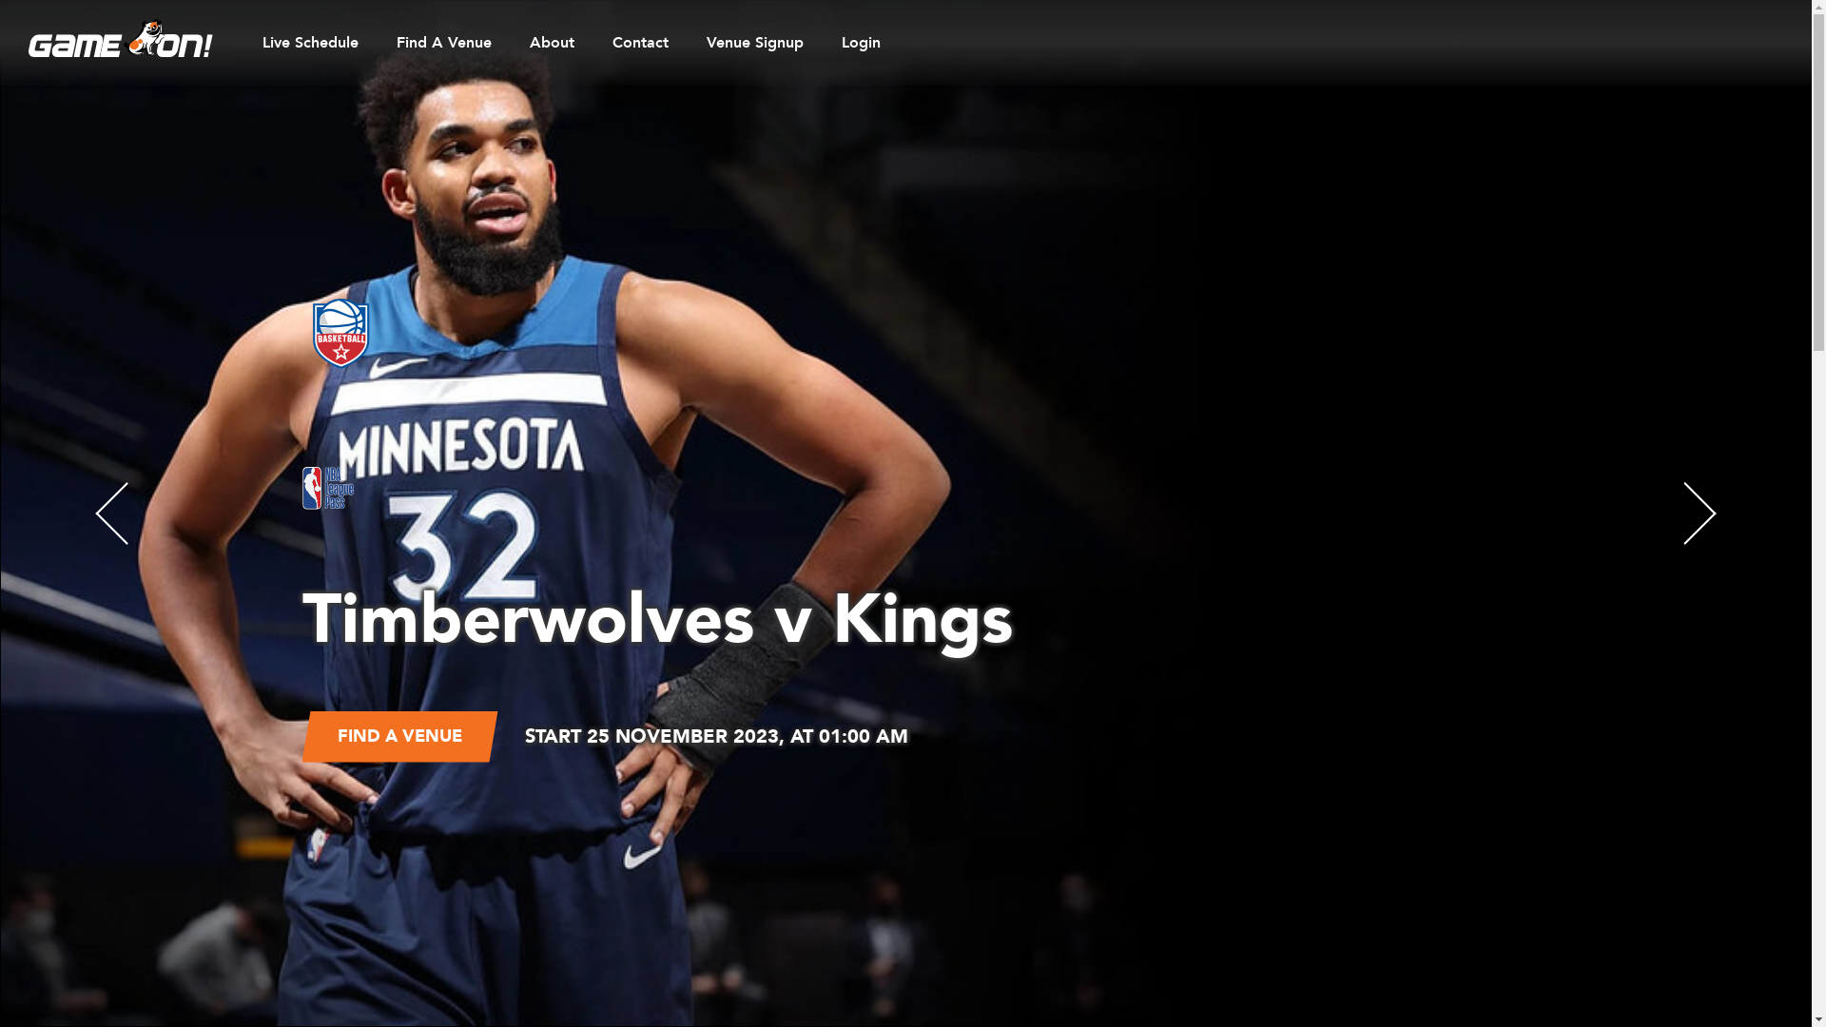 This screenshot has width=1826, height=1027. I want to click on 'Login', so click(860, 43).